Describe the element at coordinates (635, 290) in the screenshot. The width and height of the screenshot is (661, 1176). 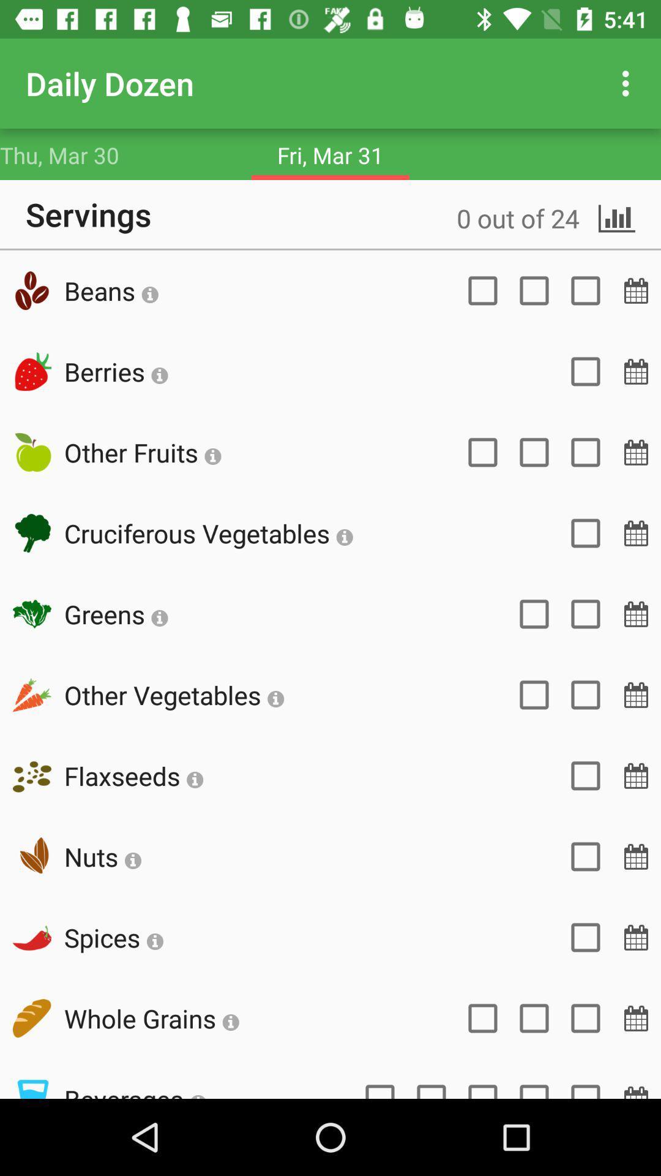
I see `the date_range icon` at that location.